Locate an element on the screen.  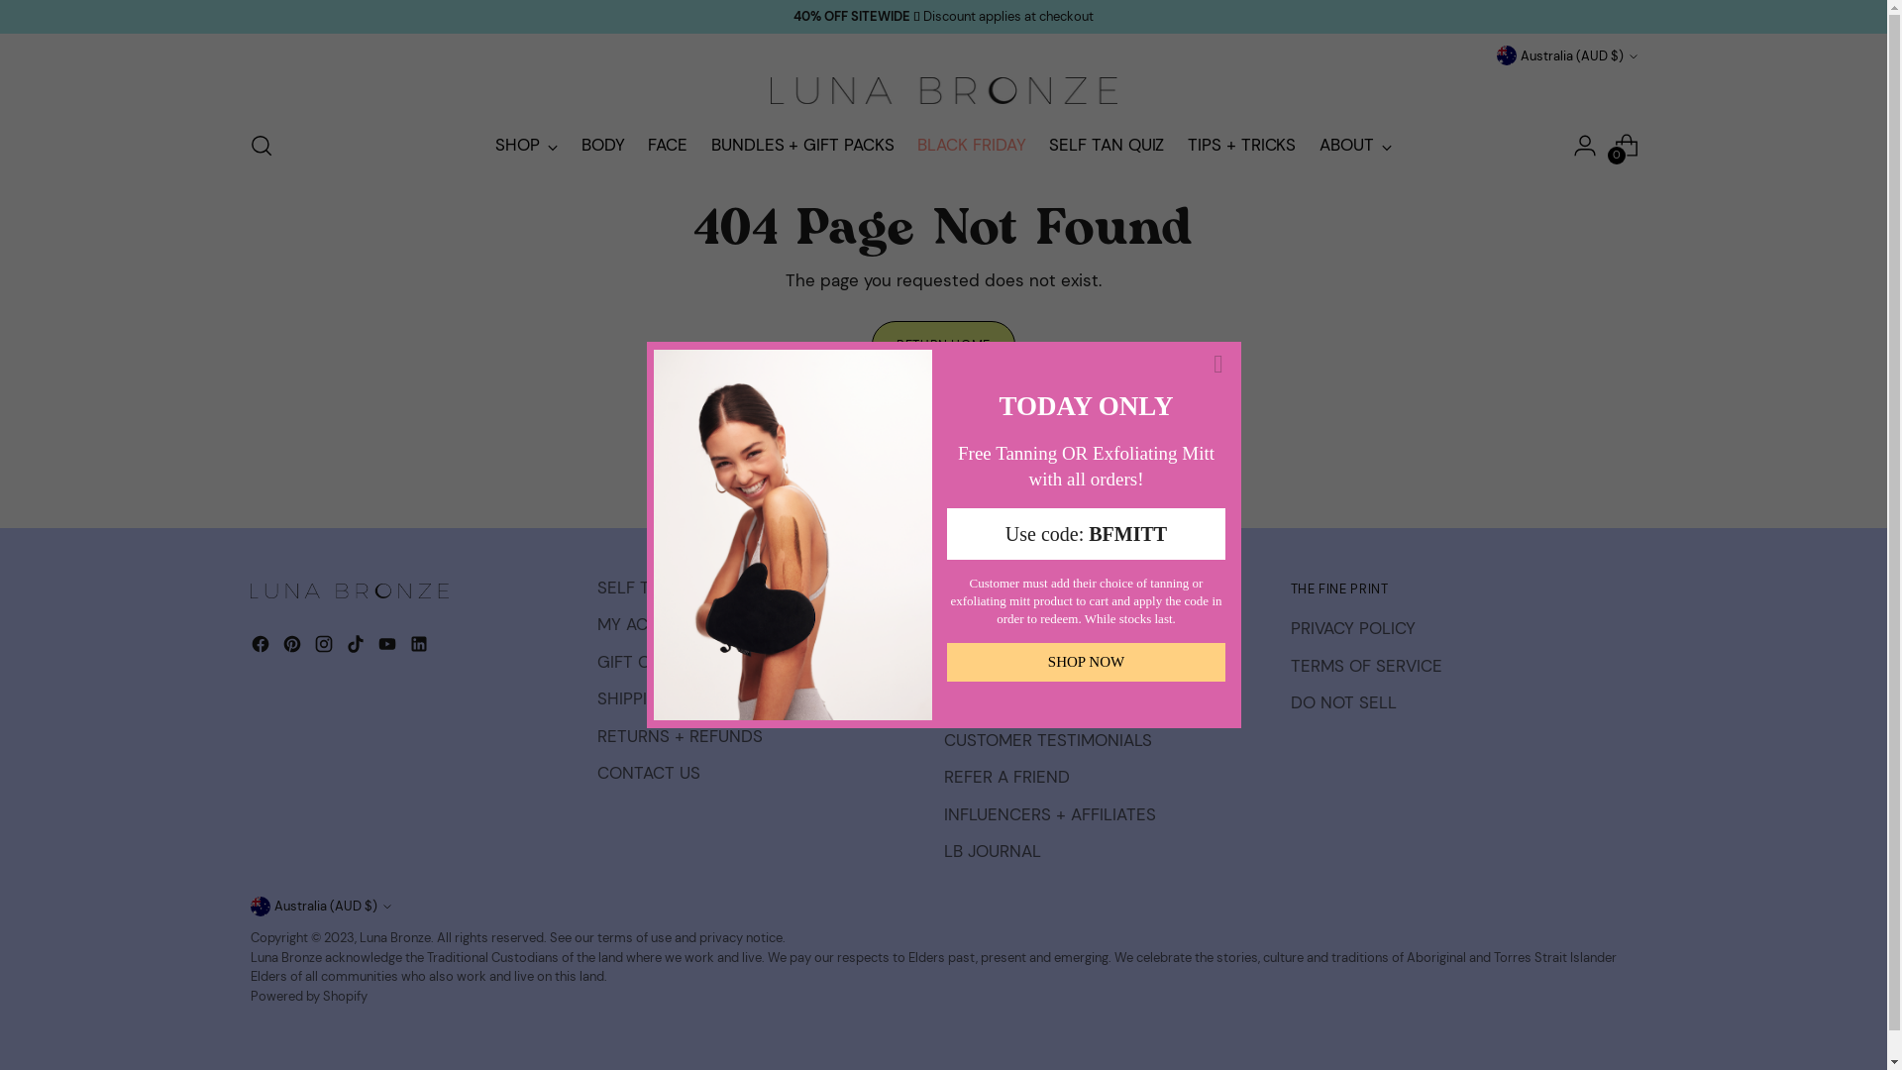
'SHOP NOW' is located at coordinates (945, 662).